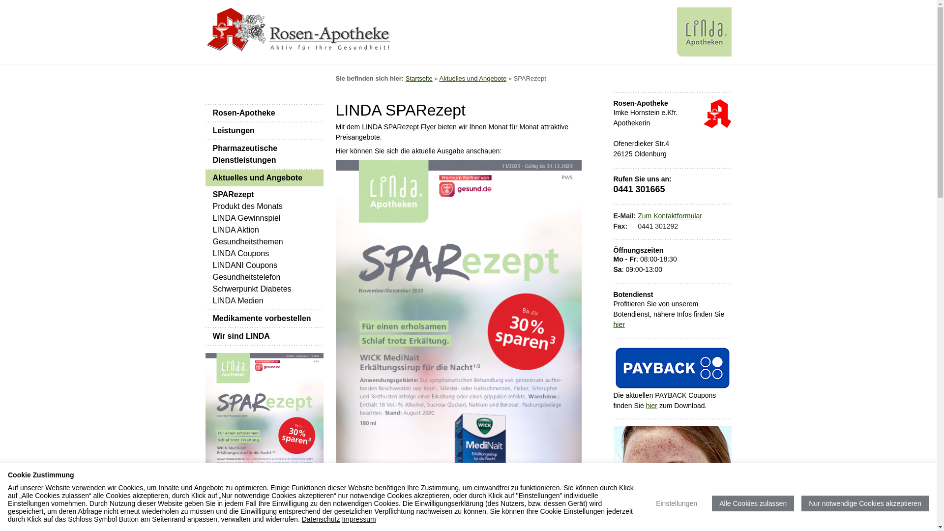 The height and width of the screenshot is (531, 944). Describe the element at coordinates (672, 368) in the screenshot. I see `'Payback'` at that location.